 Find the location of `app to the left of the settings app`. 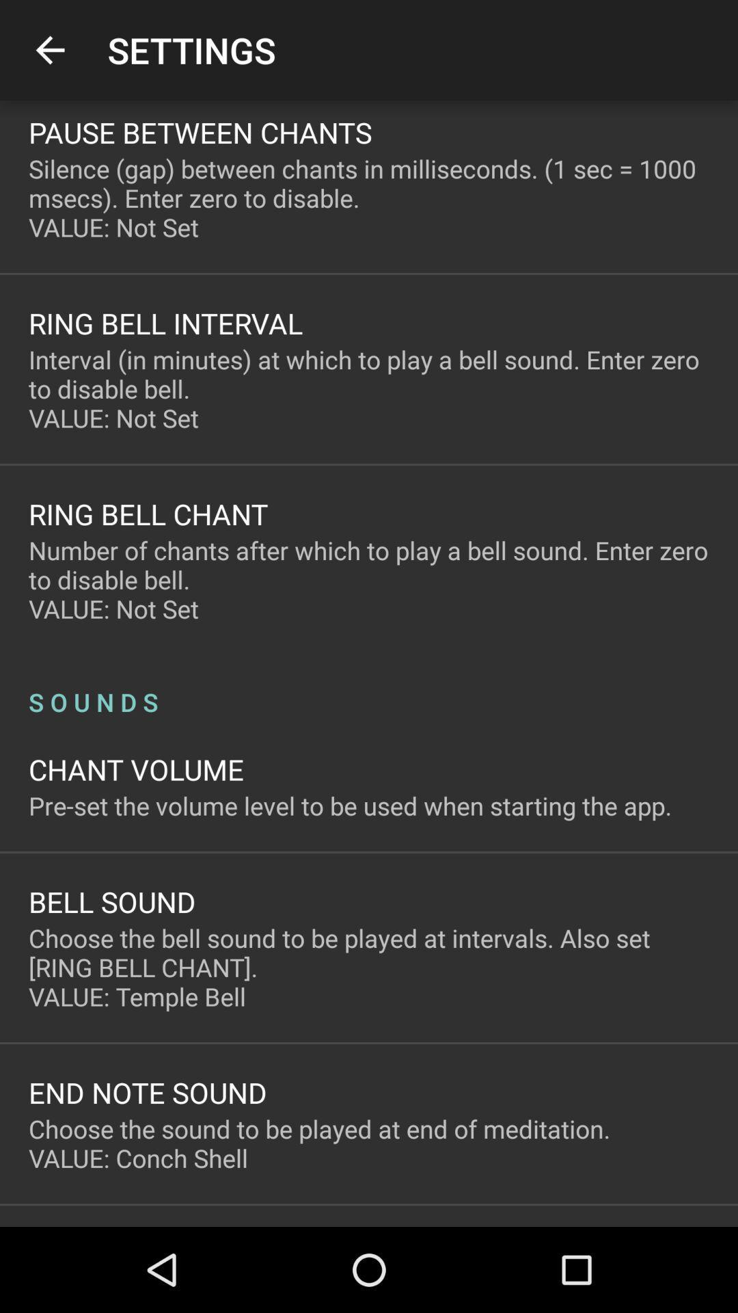

app to the left of the settings app is located at coordinates (49, 50).